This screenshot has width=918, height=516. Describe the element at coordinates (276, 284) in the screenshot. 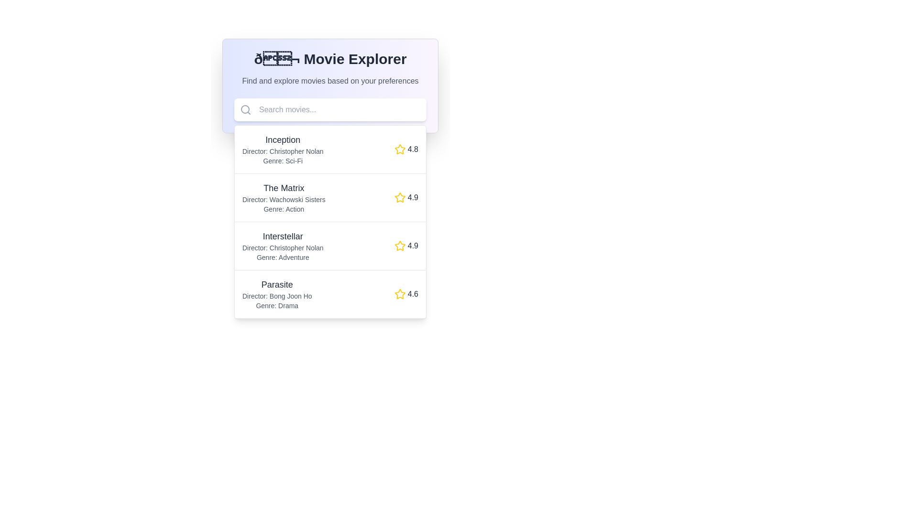

I see `the text label displaying 'Parasite' in bold, black lettering` at that location.